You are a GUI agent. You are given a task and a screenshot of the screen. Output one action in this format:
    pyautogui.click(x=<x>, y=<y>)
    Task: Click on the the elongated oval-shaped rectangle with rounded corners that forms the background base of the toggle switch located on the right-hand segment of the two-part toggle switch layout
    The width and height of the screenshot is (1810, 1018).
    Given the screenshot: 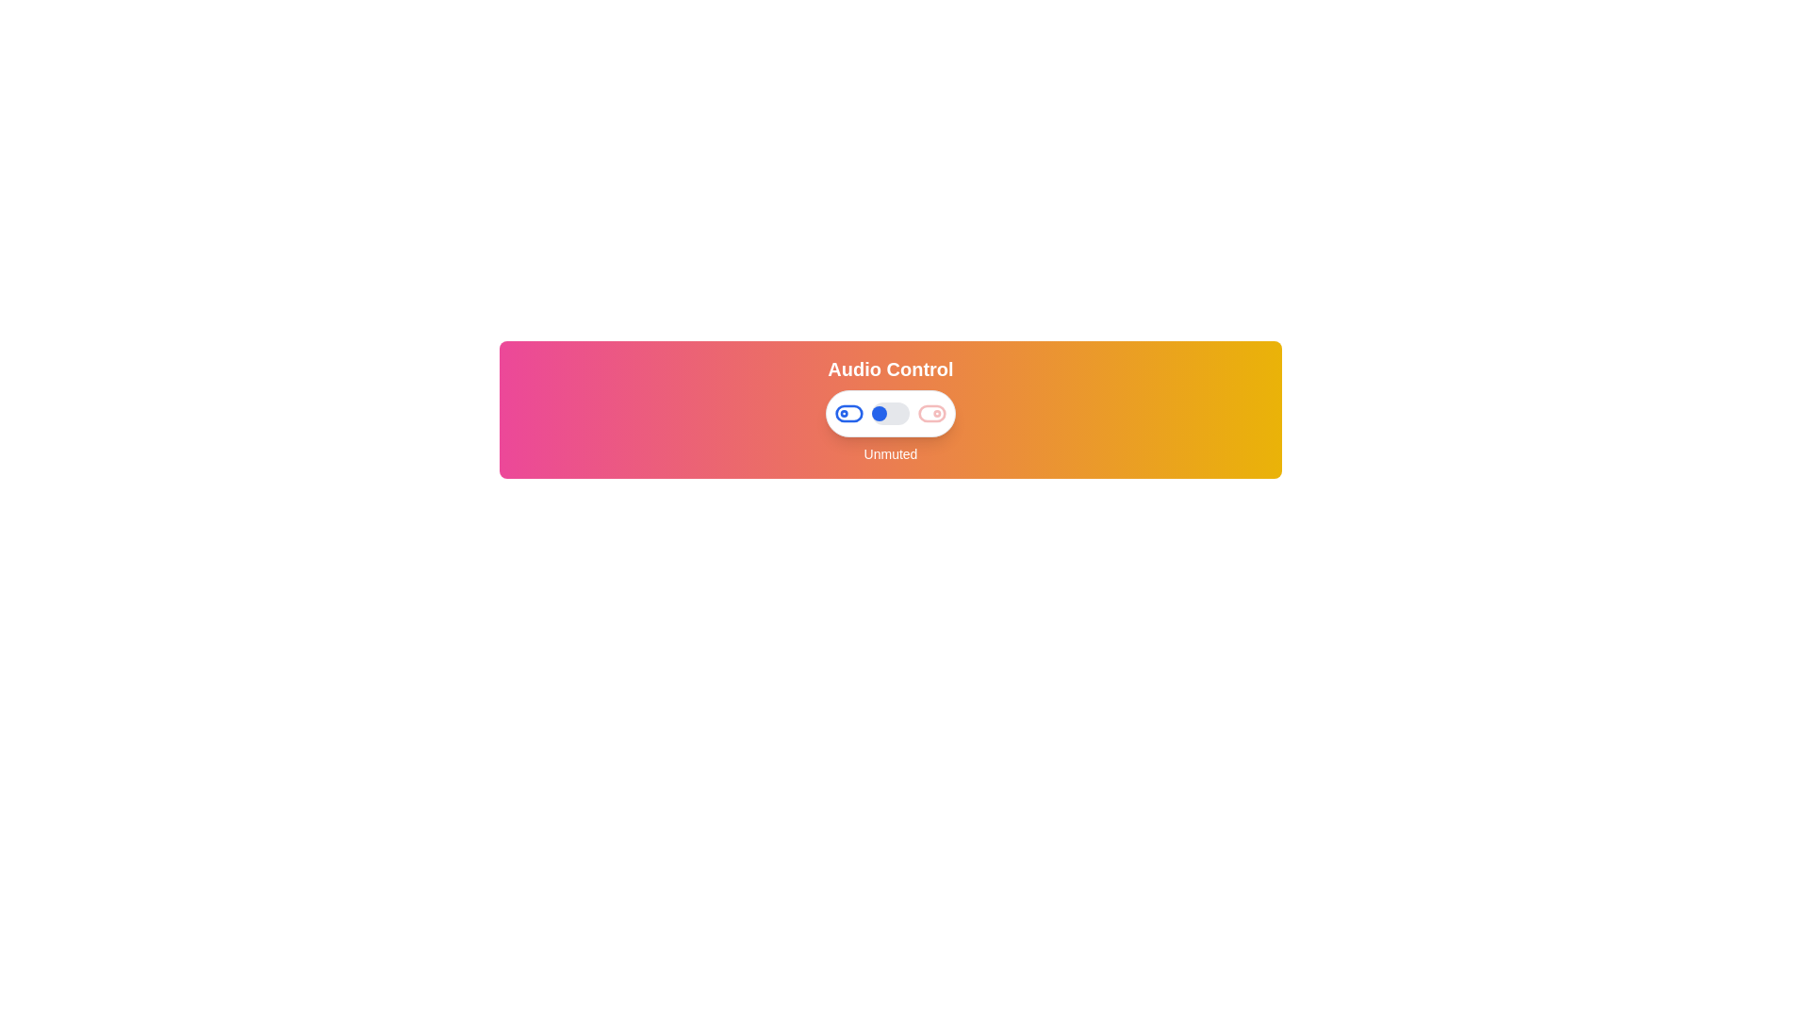 What is the action you would take?
    pyautogui.click(x=931, y=413)
    